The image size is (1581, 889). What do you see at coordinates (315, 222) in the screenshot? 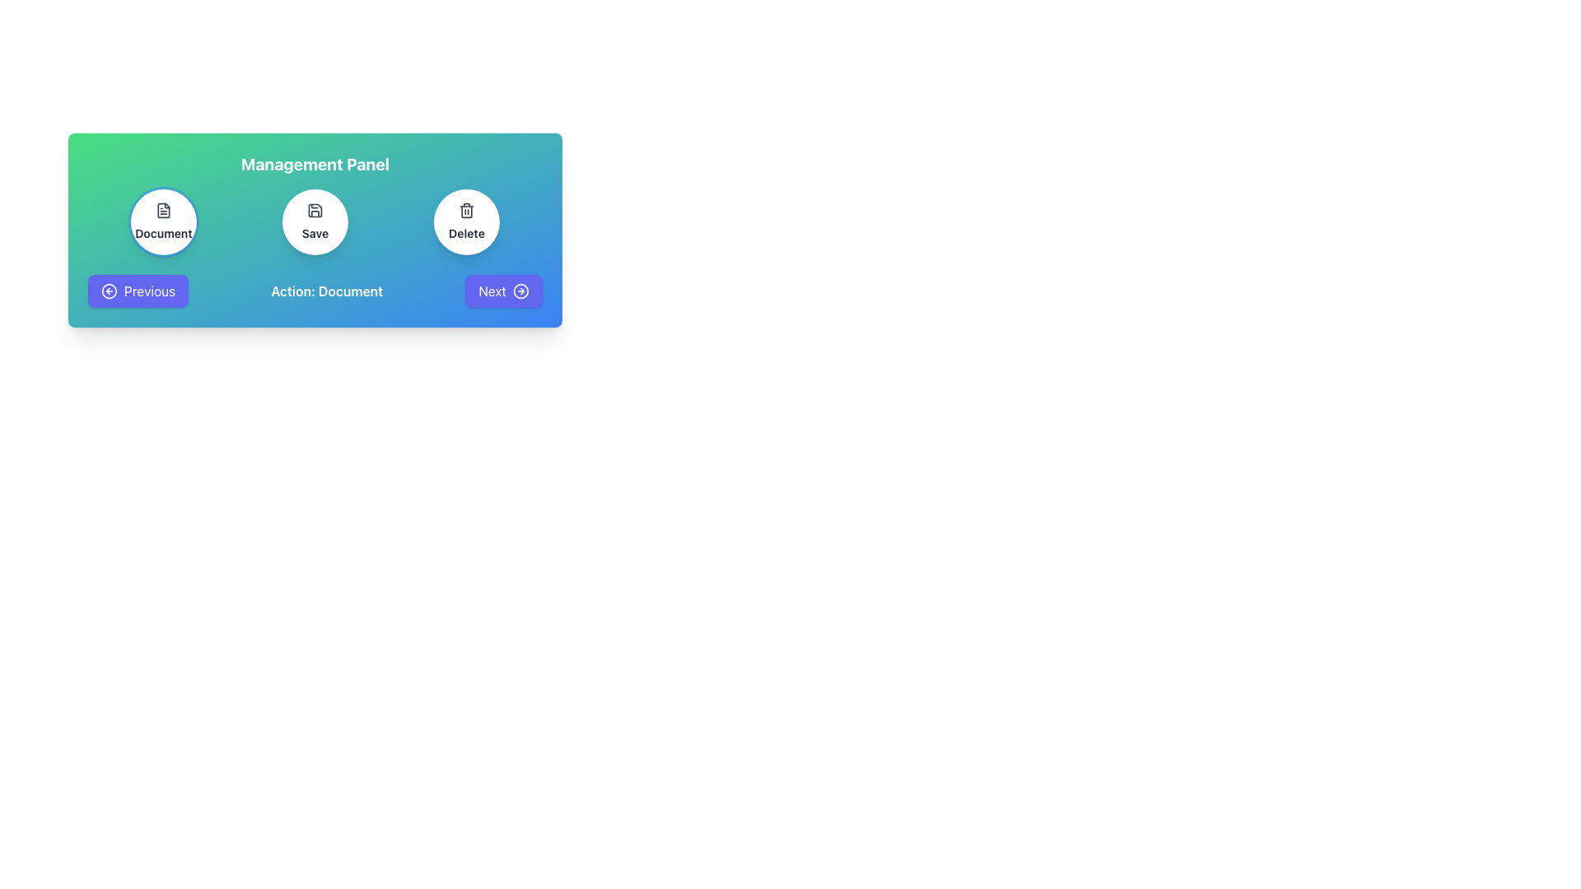
I see `the 'Save' button, which is centrally located among three buttons labeled 'Document', 'Save', and 'Delete', to observe its visual effects` at bounding box center [315, 222].